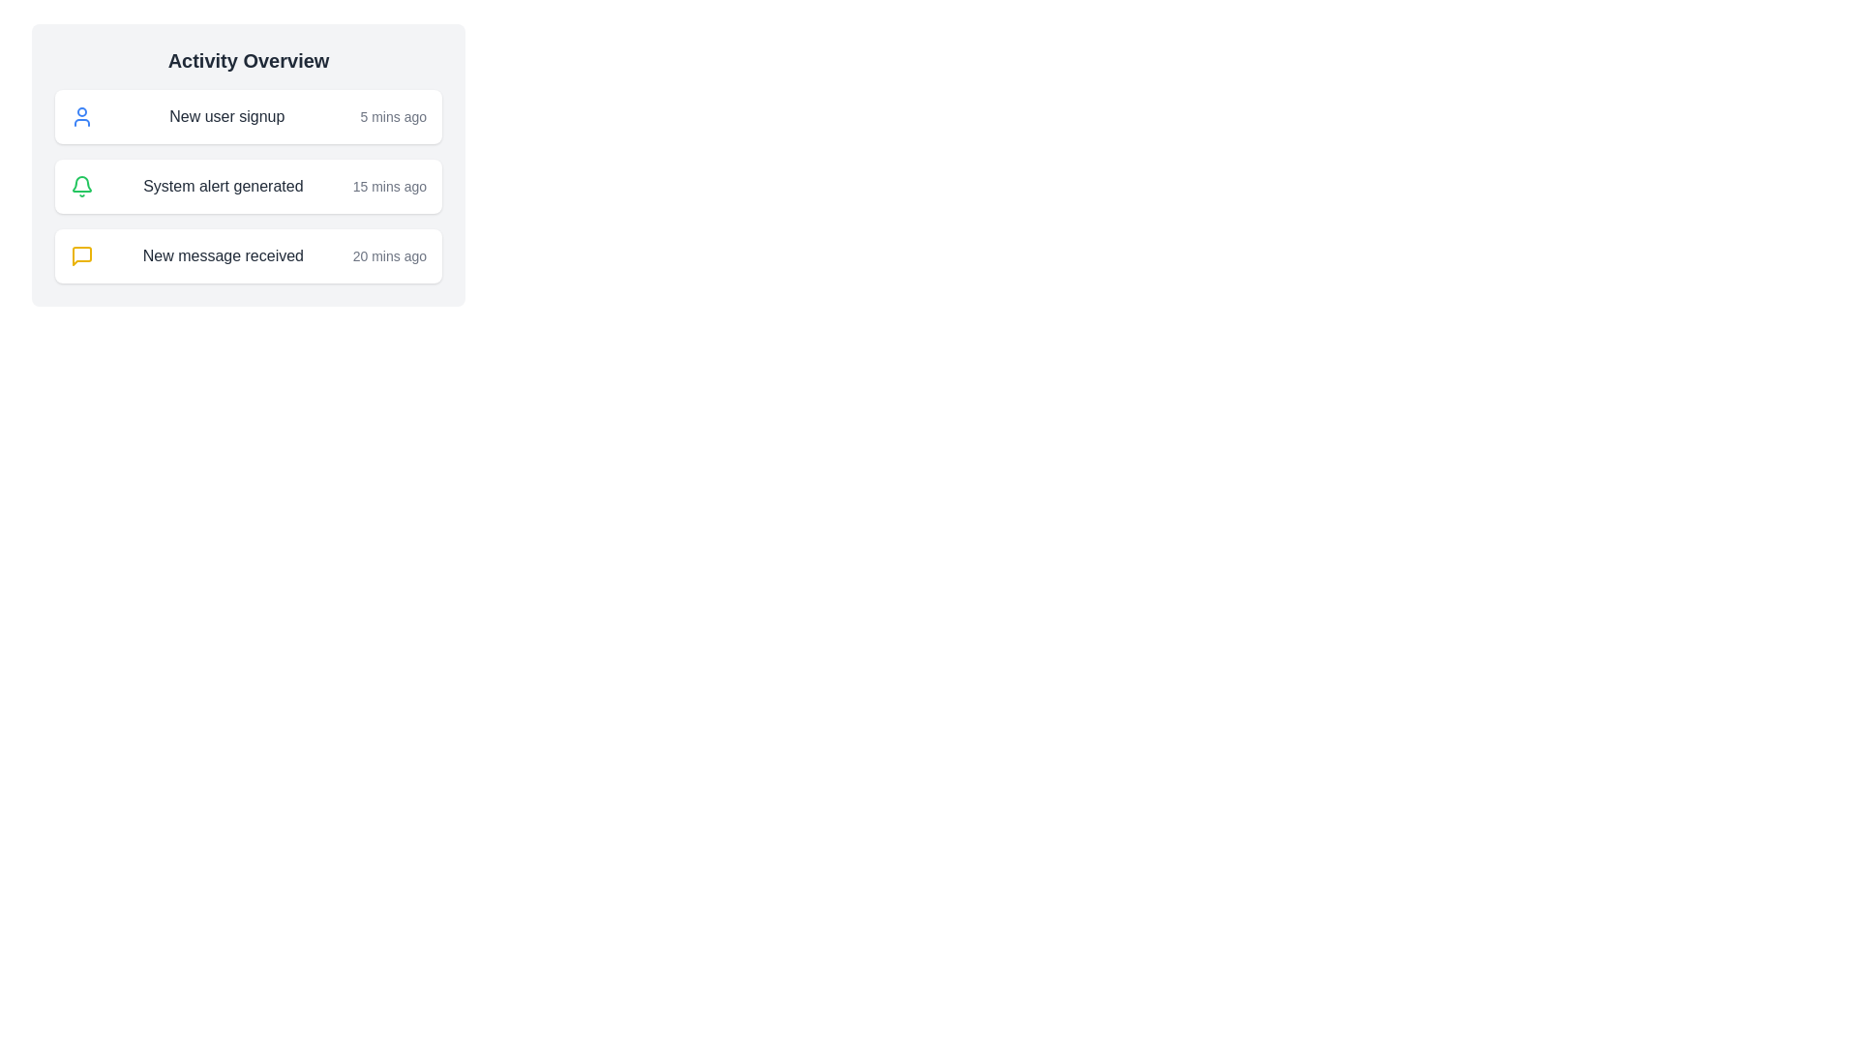  I want to click on the notification bell icon with a green outline that indicates a 'System alert generated' entry in the 'Activity Overview' section, so click(81, 184).